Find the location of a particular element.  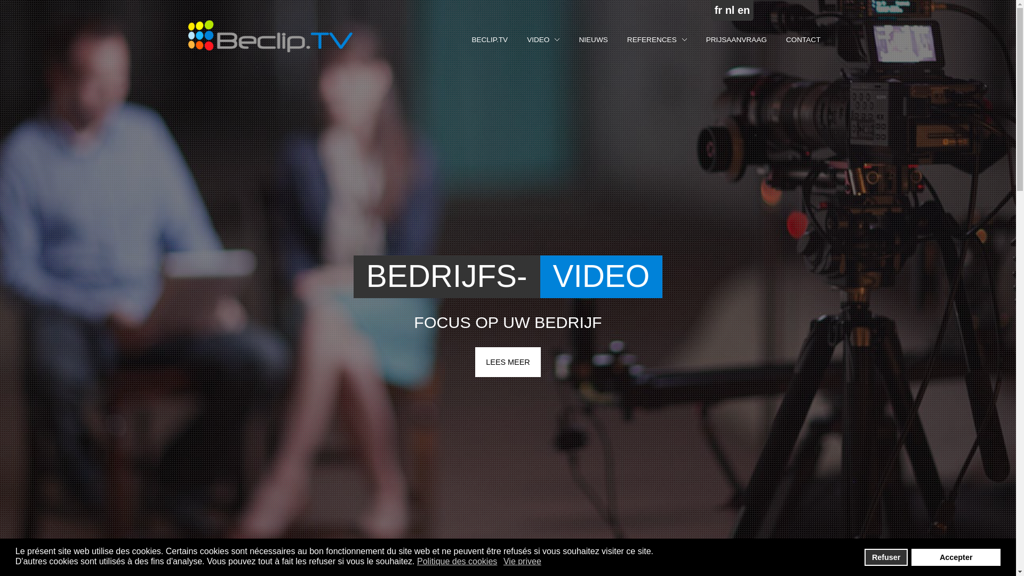

'NIEUWS' is located at coordinates (578, 39).